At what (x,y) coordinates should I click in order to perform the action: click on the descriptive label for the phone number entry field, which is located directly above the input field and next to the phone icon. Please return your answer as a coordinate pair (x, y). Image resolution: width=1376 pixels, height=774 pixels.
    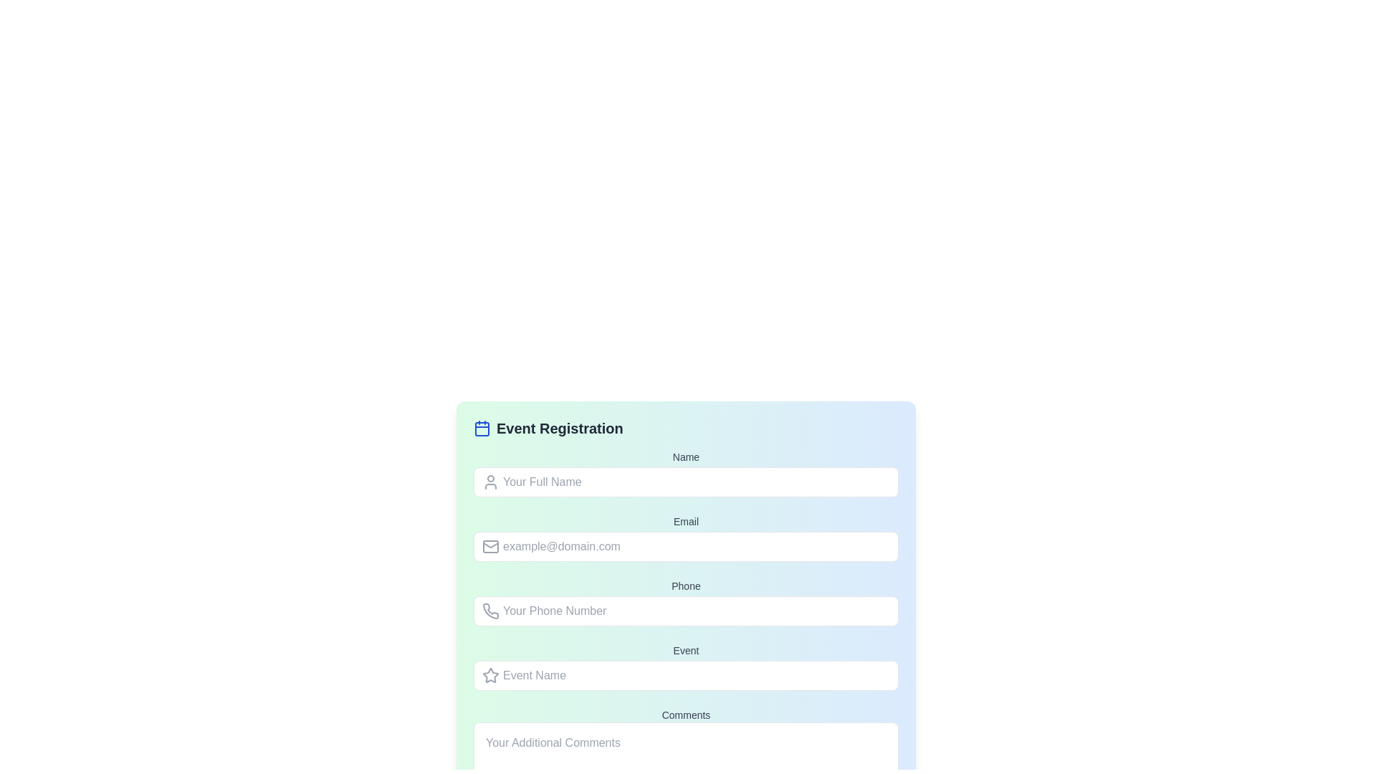
    Looking at the image, I should click on (685, 586).